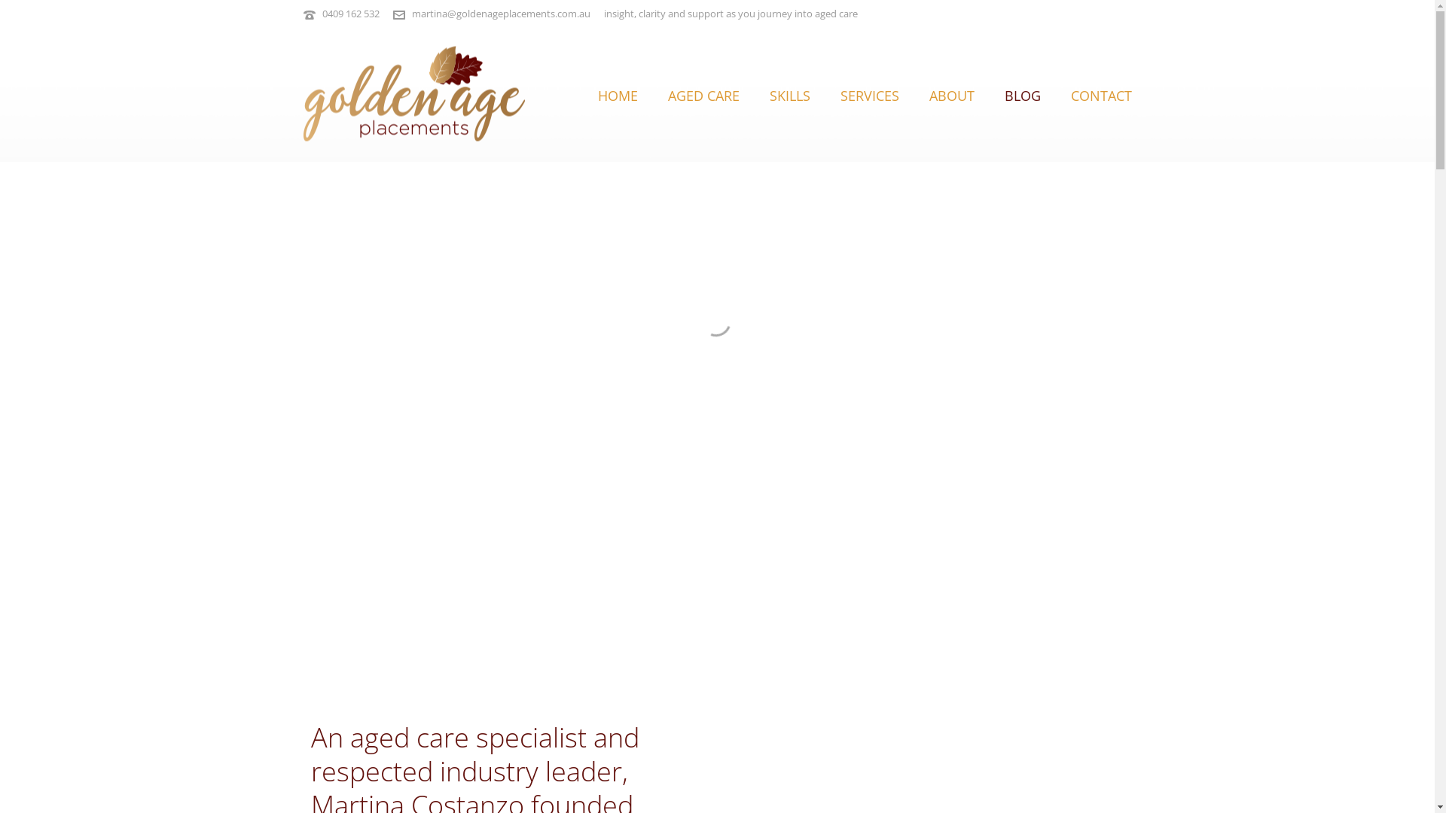 This screenshot has width=1446, height=813. What do you see at coordinates (870, 93) in the screenshot?
I see `'SERVICES'` at bounding box center [870, 93].